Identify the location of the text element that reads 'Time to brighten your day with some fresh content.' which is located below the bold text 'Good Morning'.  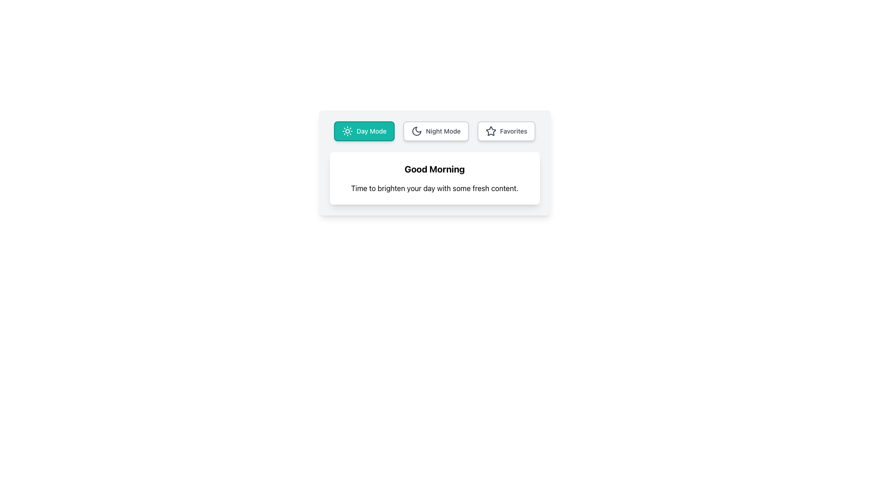
(434, 188).